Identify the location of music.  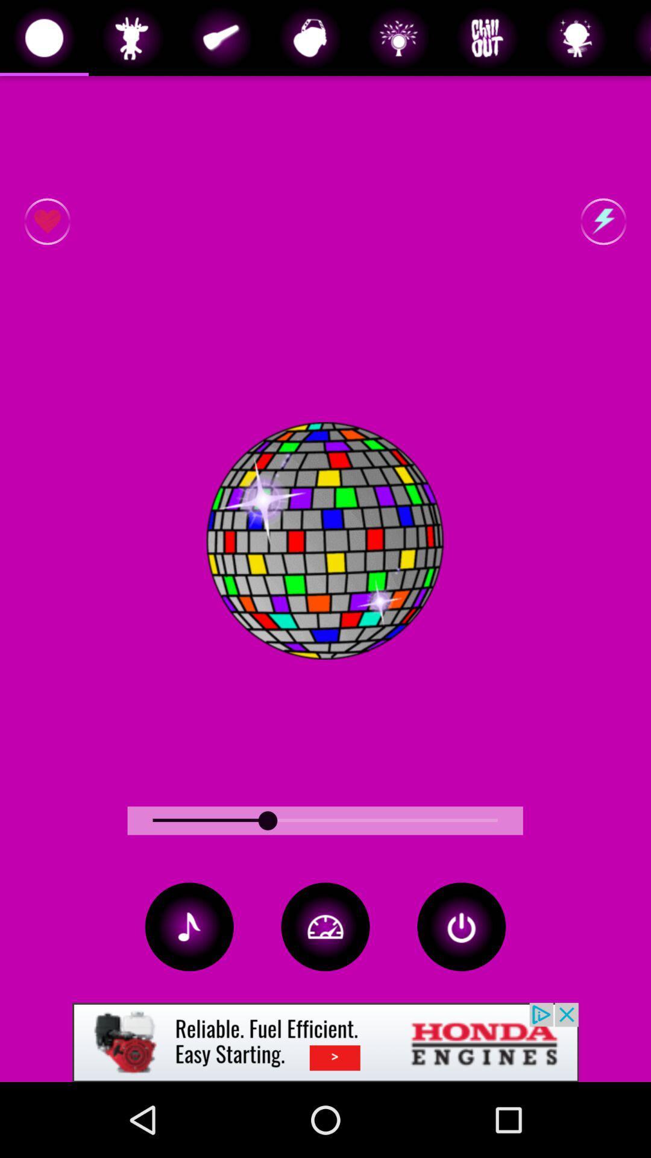
(189, 926).